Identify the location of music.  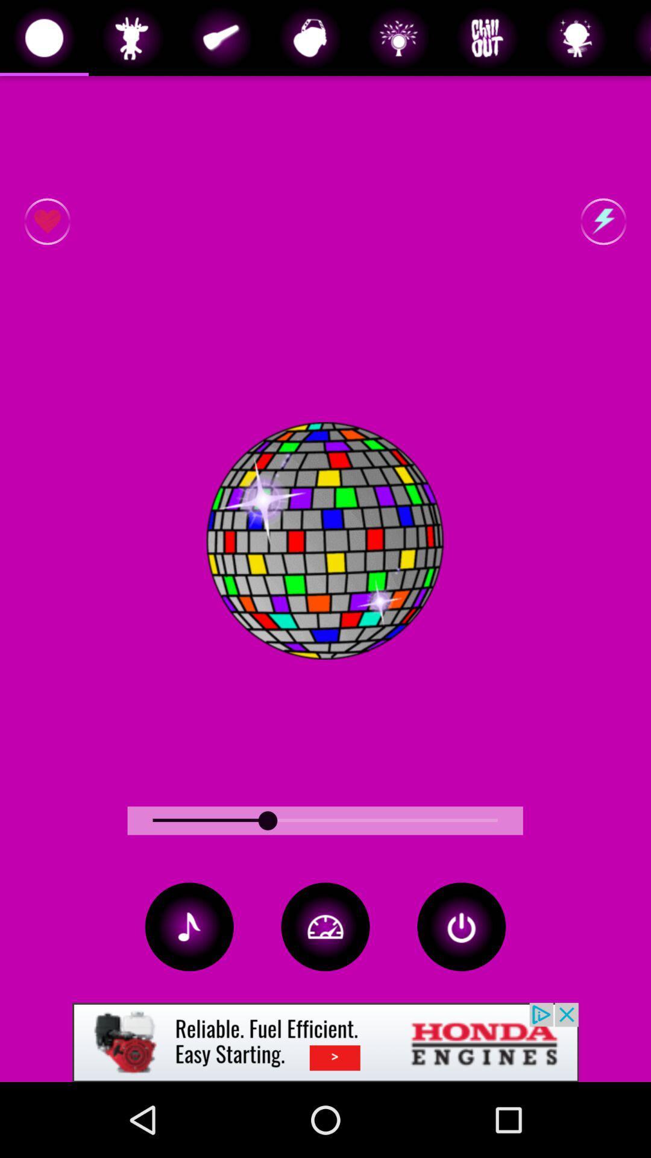
(189, 926).